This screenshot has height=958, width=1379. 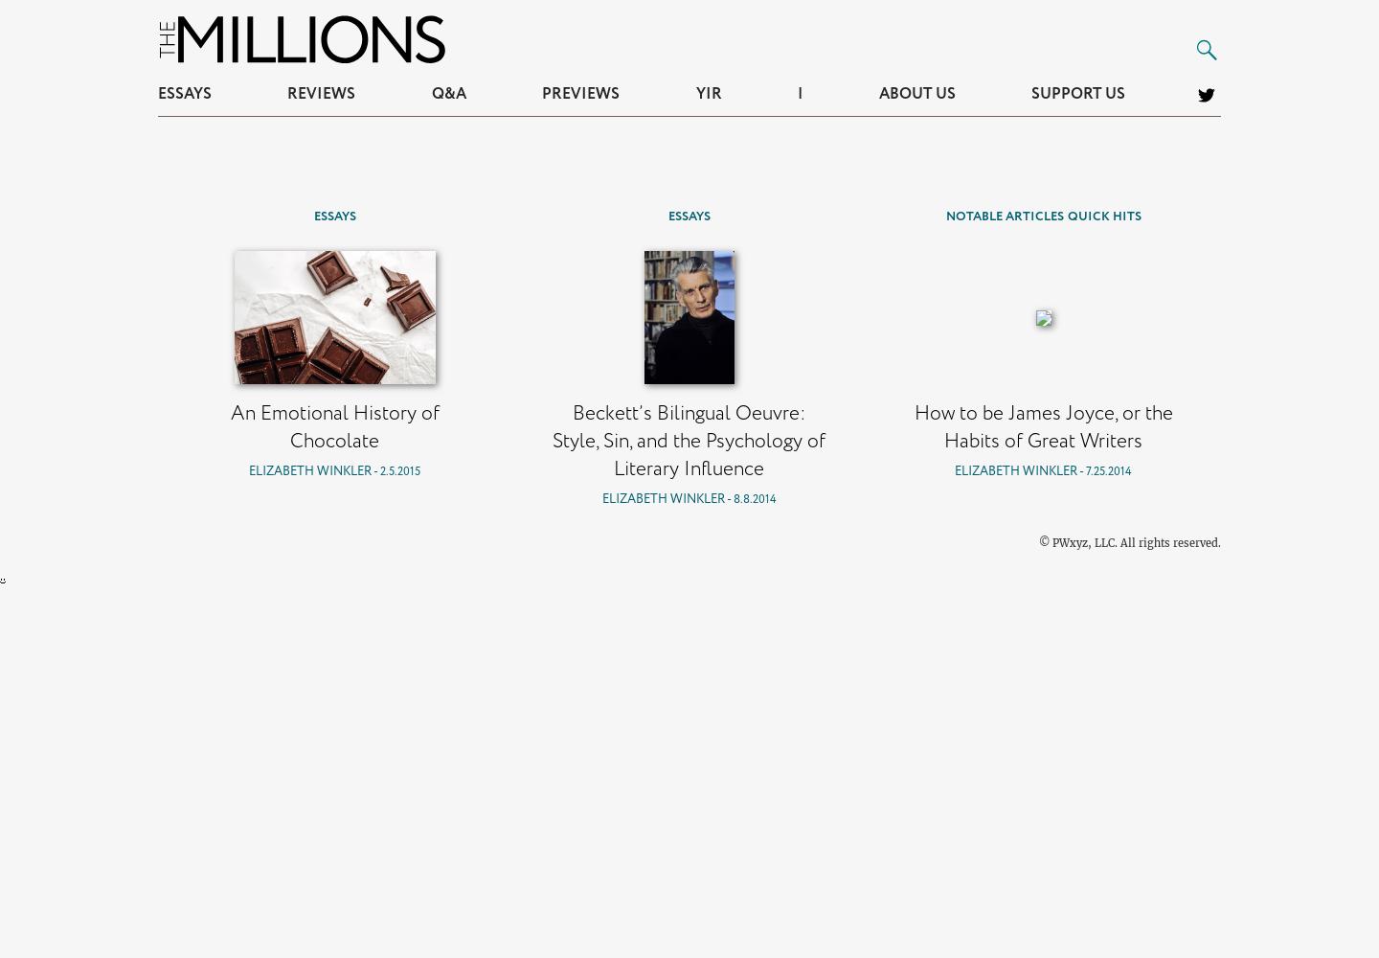 What do you see at coordinates (334, 425) in the screenshot?
I see `'An Emotional History of Chocolate'` at bounding box center [334, 425].